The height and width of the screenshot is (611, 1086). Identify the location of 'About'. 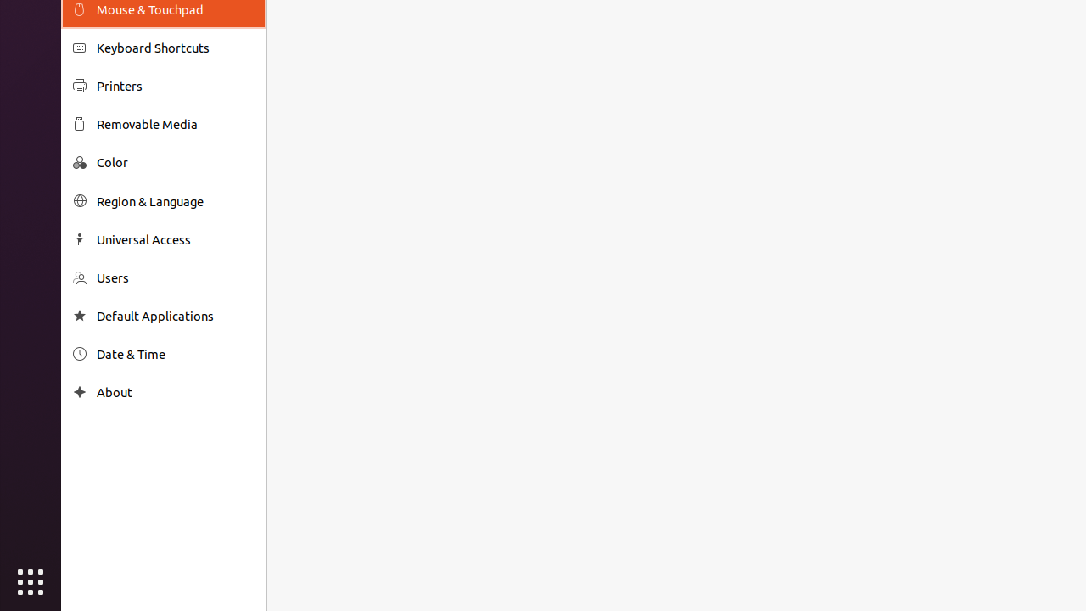
(175, 392).